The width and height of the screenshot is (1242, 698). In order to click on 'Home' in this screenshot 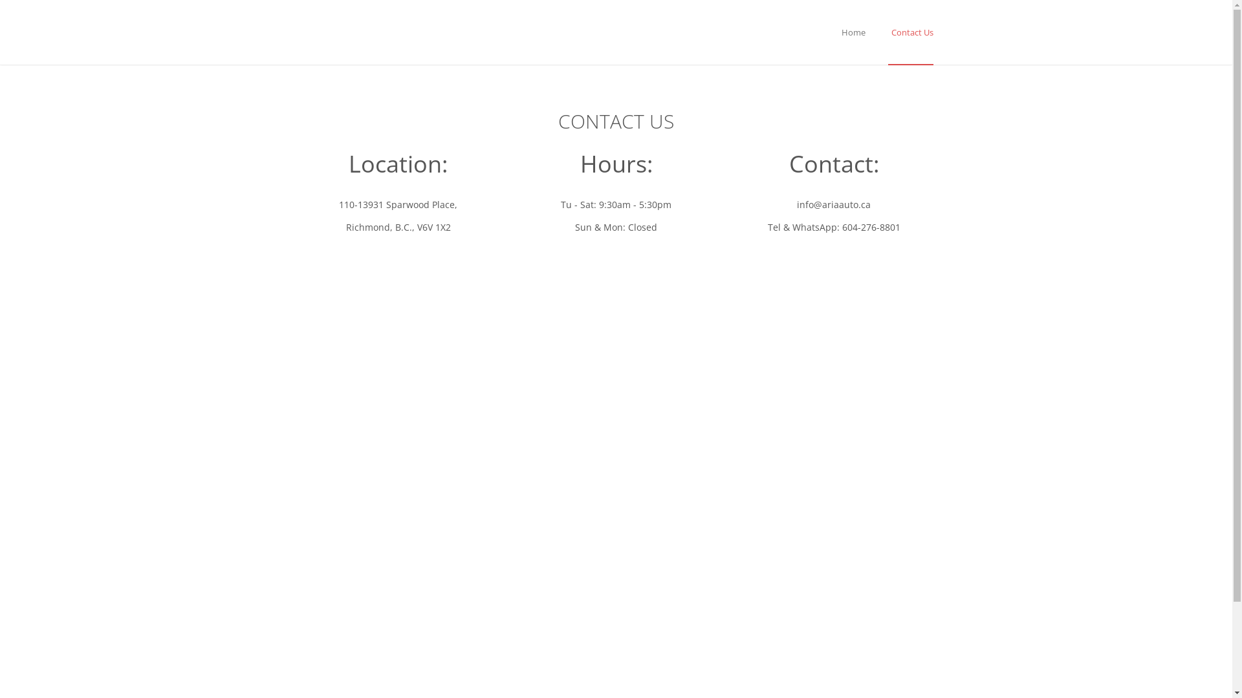, I will do `click(853, 32)`.